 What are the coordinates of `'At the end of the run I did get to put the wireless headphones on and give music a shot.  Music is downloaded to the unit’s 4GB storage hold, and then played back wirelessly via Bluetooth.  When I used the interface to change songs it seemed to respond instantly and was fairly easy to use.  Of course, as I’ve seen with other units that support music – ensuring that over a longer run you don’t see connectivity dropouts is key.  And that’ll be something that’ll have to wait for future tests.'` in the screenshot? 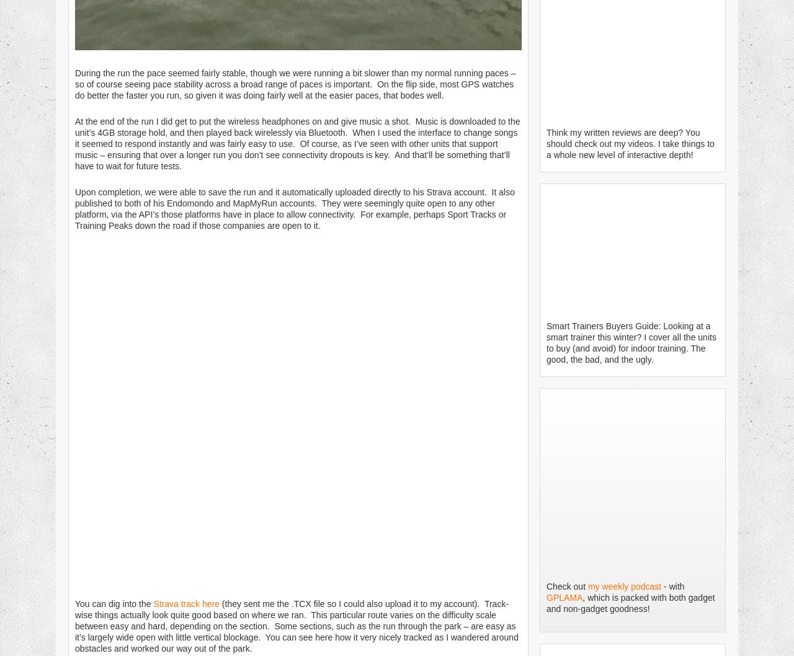 It's located at (74, 143).